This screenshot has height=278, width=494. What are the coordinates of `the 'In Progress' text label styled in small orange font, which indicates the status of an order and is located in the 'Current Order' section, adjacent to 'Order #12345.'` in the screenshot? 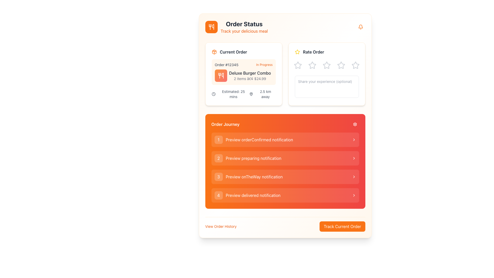 It's located at (264, 64).